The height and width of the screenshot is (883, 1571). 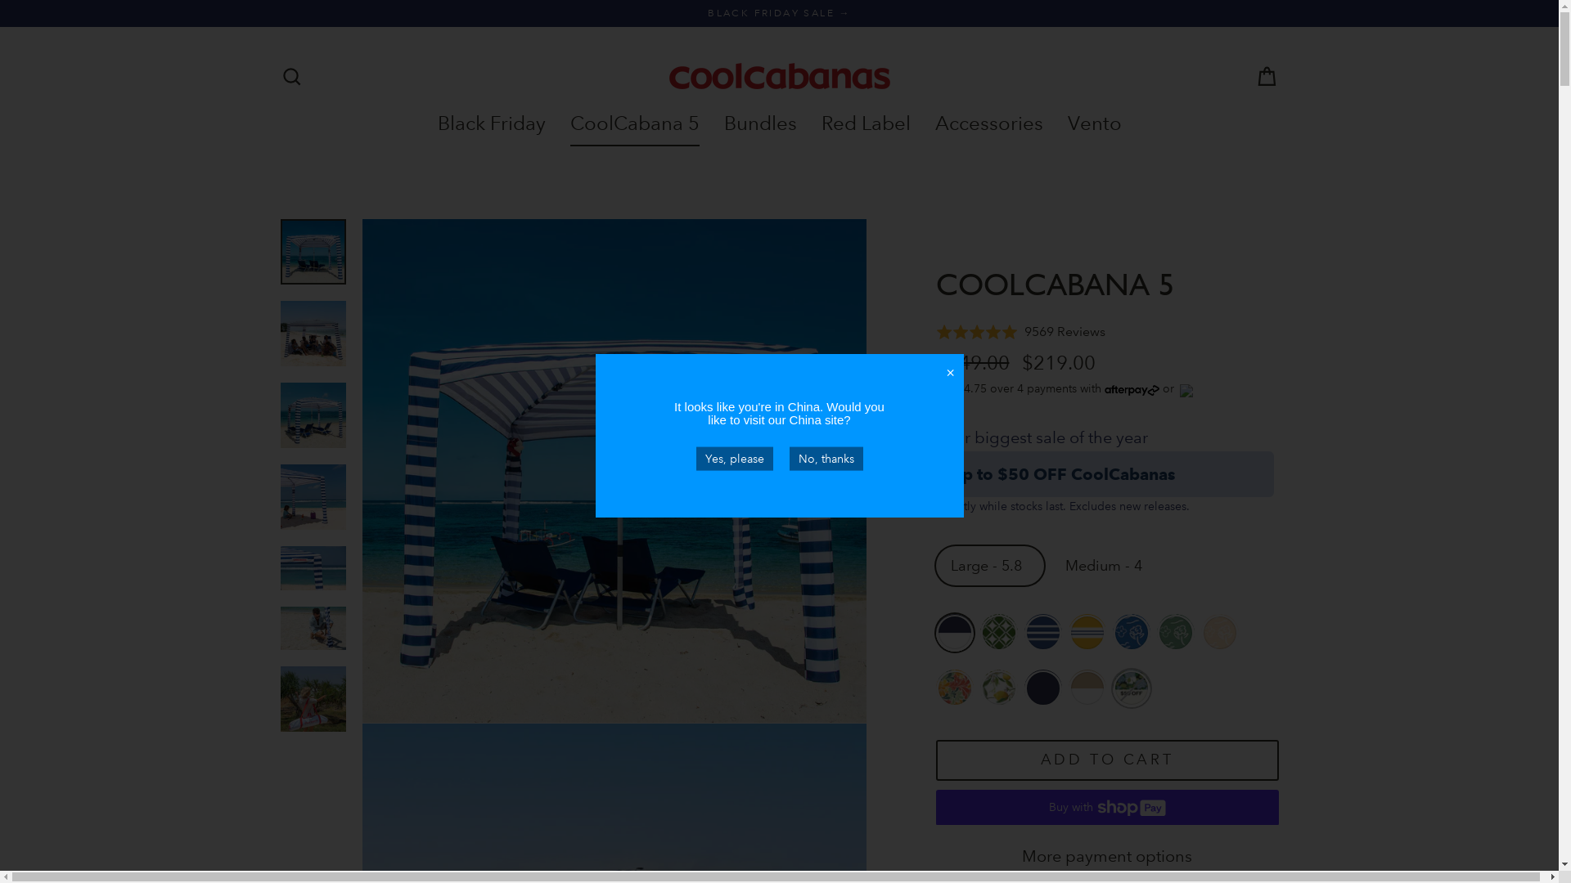 I want to click on 'More payment options', so click(x=1107, y=856).